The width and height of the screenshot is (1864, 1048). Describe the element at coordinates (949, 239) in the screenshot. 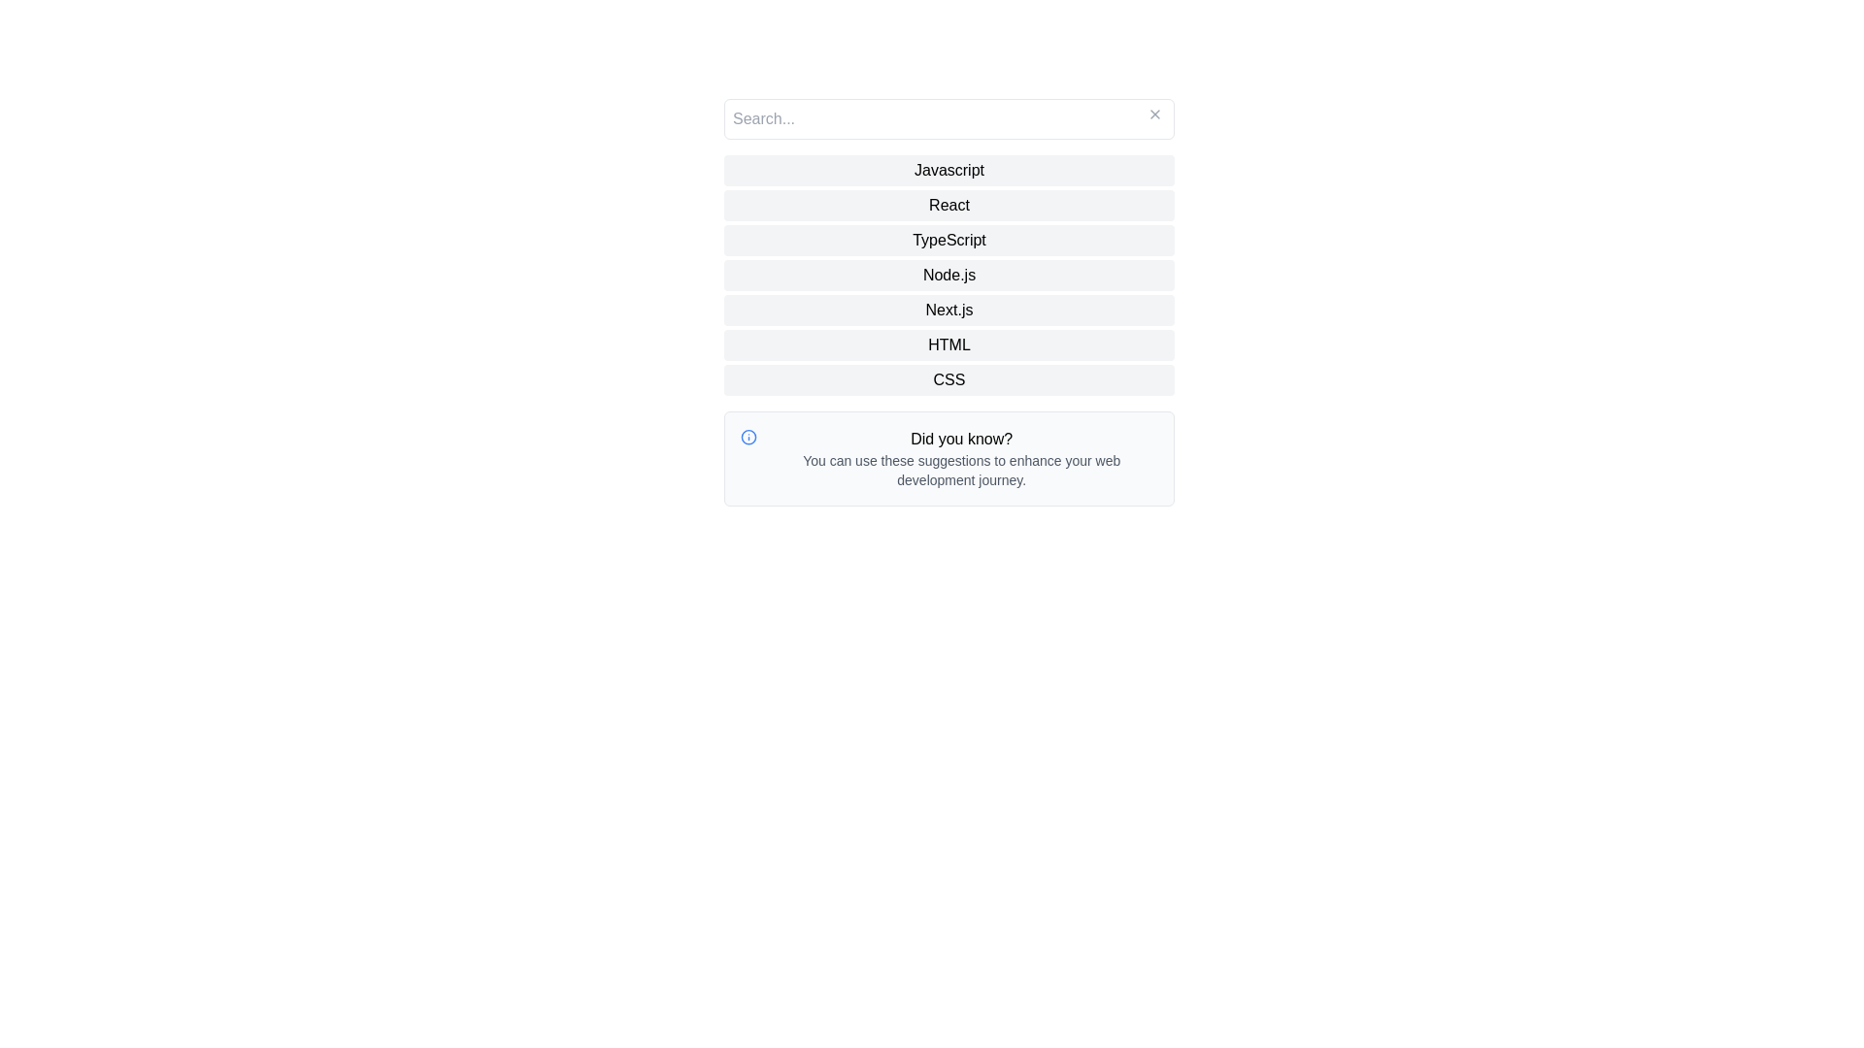

I see `the 'TypeScript' button, which is the third button in a vertical list of buttons with a light gray background and black text` at that location.